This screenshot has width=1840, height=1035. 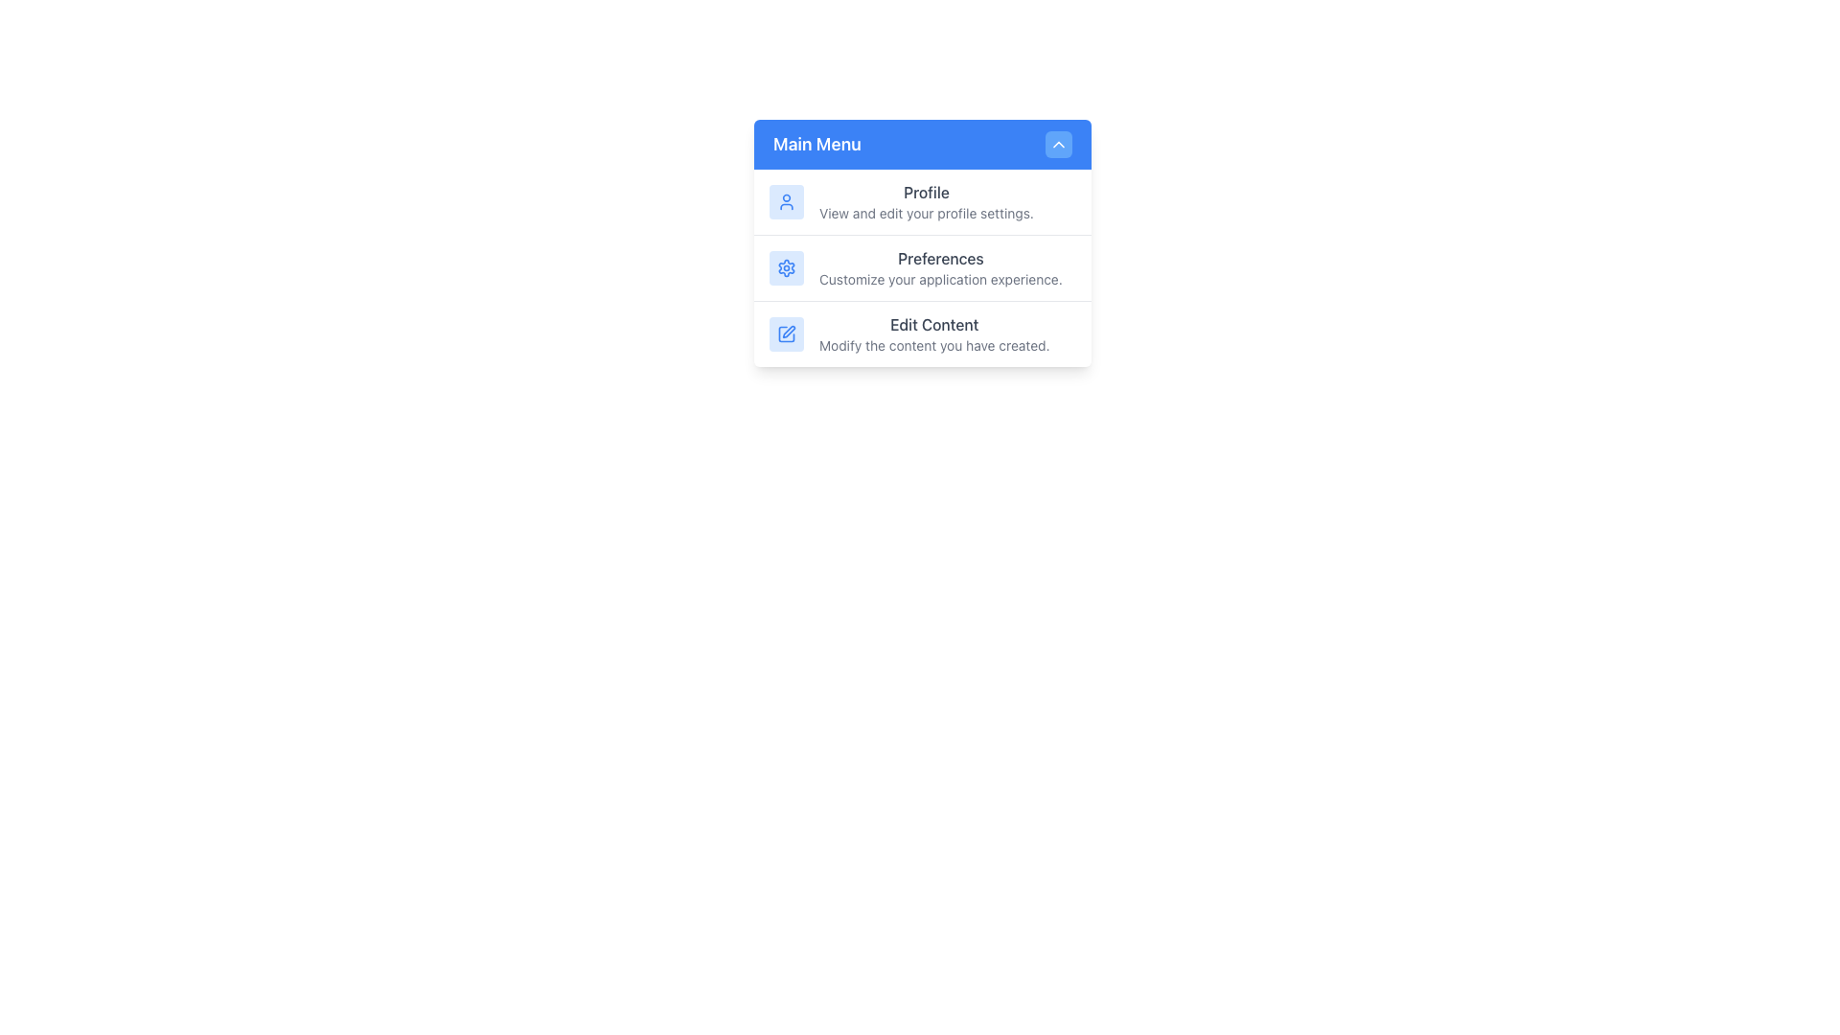 What do you see at coordinates (926, 214) in the screenshot?
I see `the text label providing supplemental information for the 'Profile' section located below the 'Profile' label in the 'Main Menu.'` at bounding box center [926, 214].